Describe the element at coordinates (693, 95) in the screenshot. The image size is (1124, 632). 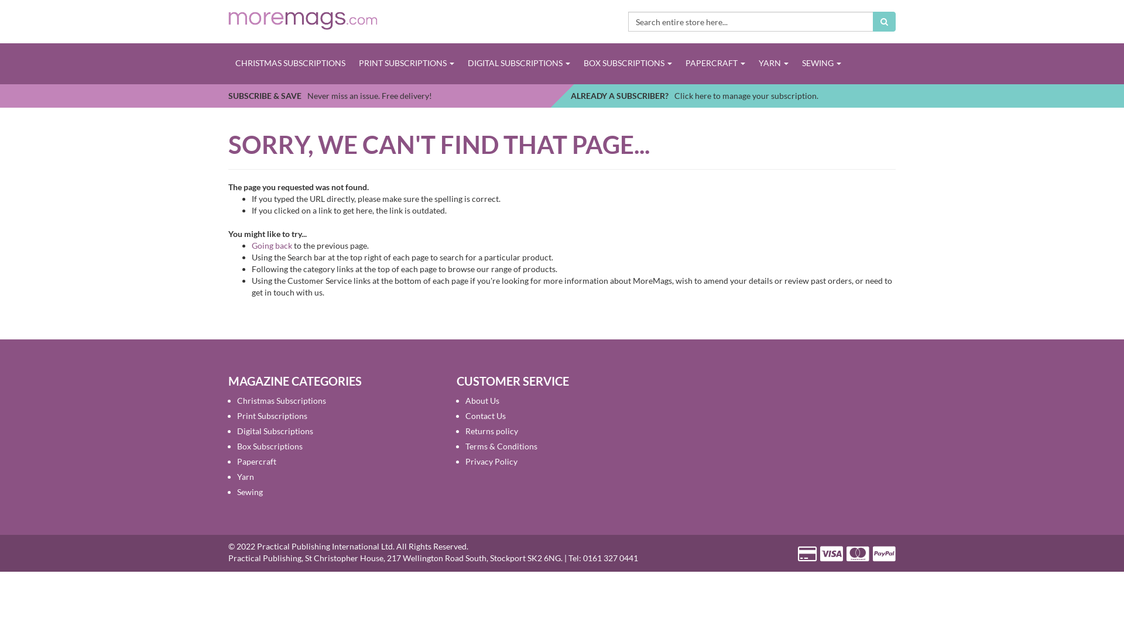
I see `'Click here'` at that location.